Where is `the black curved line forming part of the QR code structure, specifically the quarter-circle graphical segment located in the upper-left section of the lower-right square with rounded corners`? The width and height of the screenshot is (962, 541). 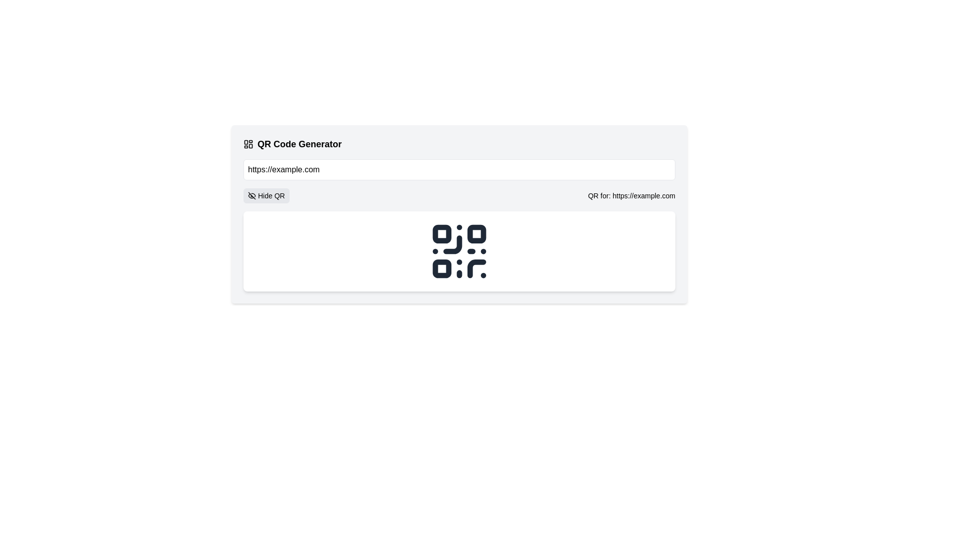 the black curved line forming part of the QR code structure, specifically the quarter-circle graphical segment located in the upper-left section of the lower-right square with rounded corners is located at coordinates (452, 244).